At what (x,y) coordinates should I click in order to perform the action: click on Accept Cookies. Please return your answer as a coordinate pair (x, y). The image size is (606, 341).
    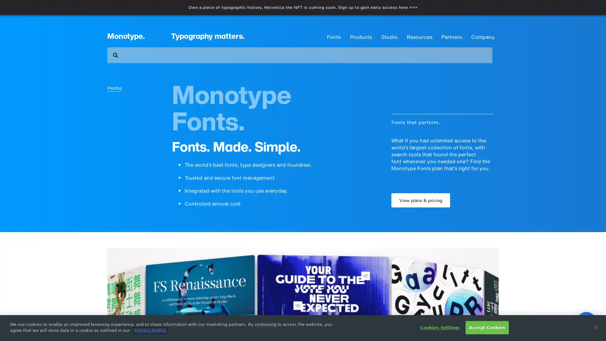
    Looking at the image, I should click on (486, 327).